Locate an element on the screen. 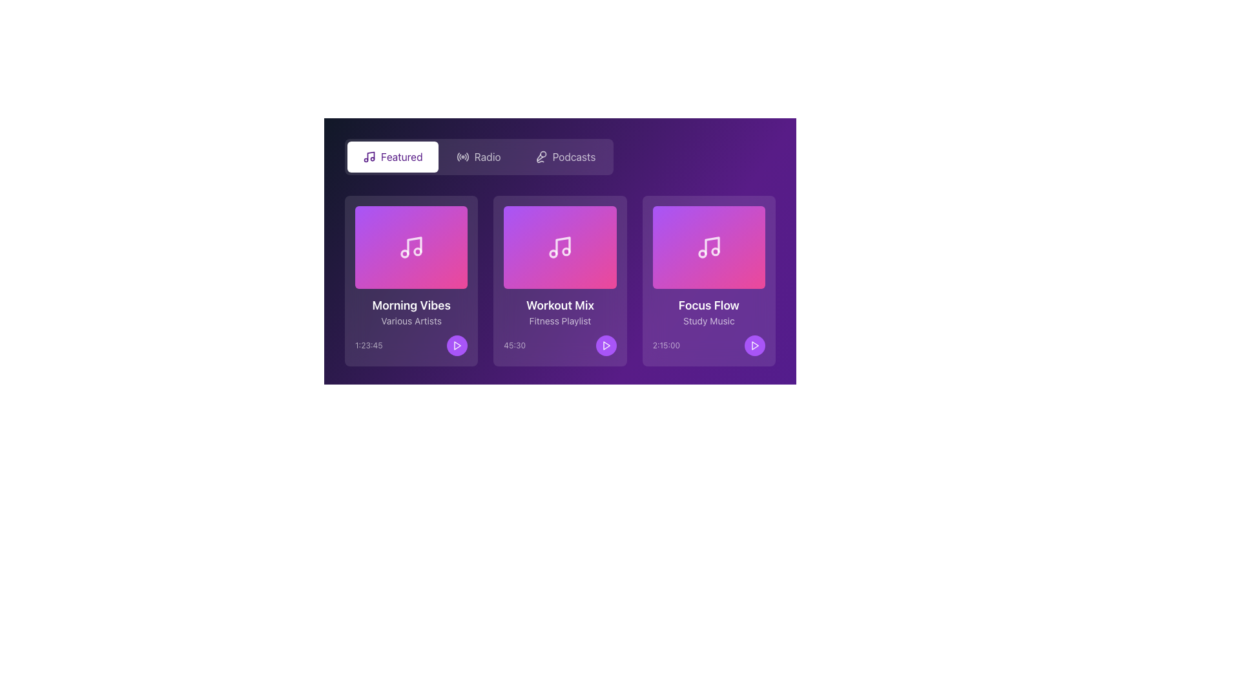 Image resolution: width=1240 pixels, height=698 pixels. the 'Podcasts' text label in the navigation bar is located at coordinates (573, 156).